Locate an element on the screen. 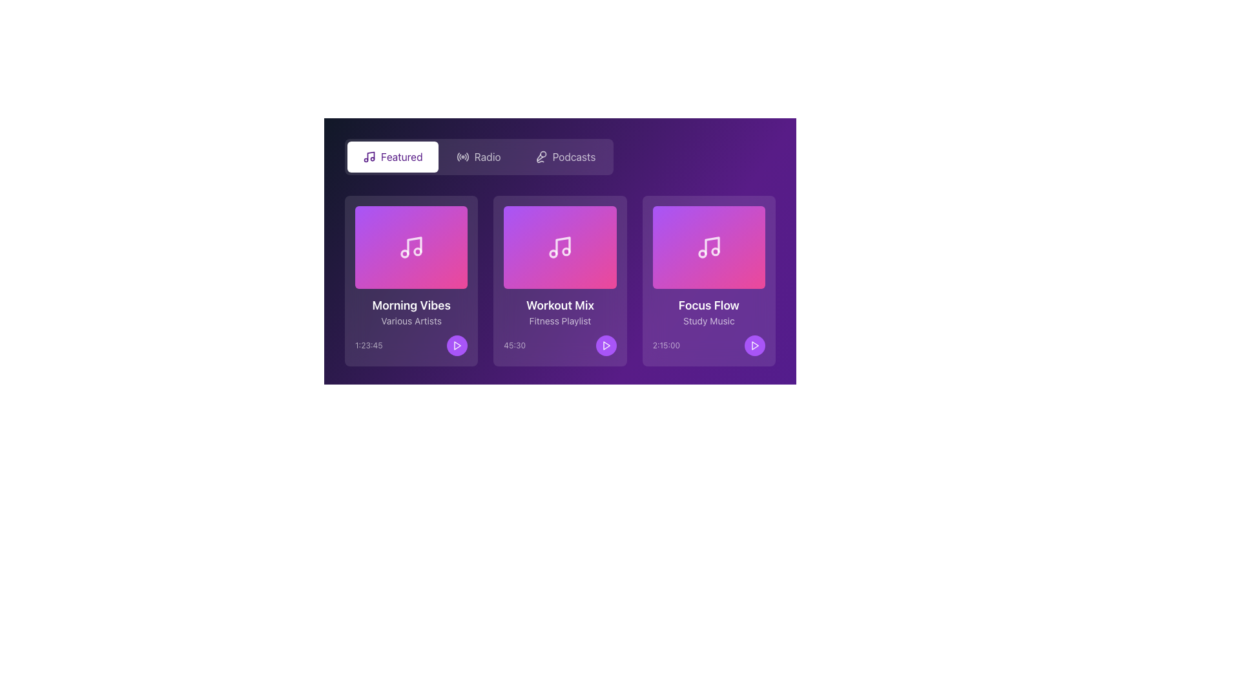 Image resolution: width=1240 pixels, height=698 pixels. the 'Podcasts' text label in the navigation bar is located at coordinates (573, 156).